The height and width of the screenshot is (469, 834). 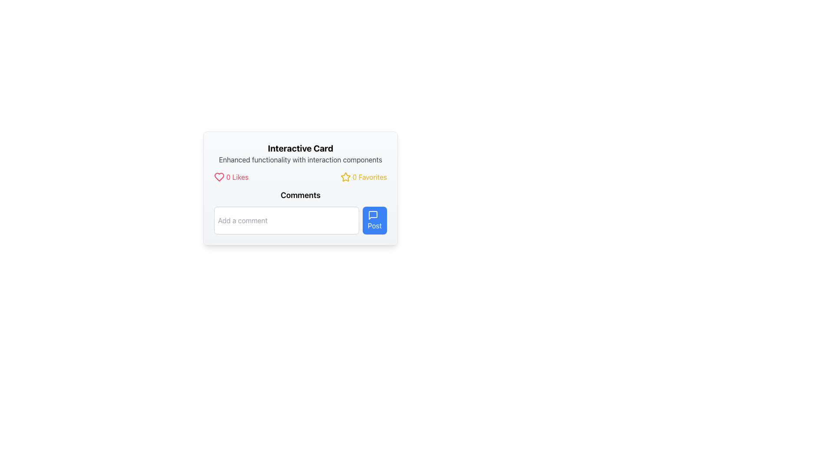 What do you see at coordinates (300, 195) in the screenshot?
I see `the 'Comments' label displayed in bolded black font, which serves as a heading for the comment input section` at bounding box center [300, 195].